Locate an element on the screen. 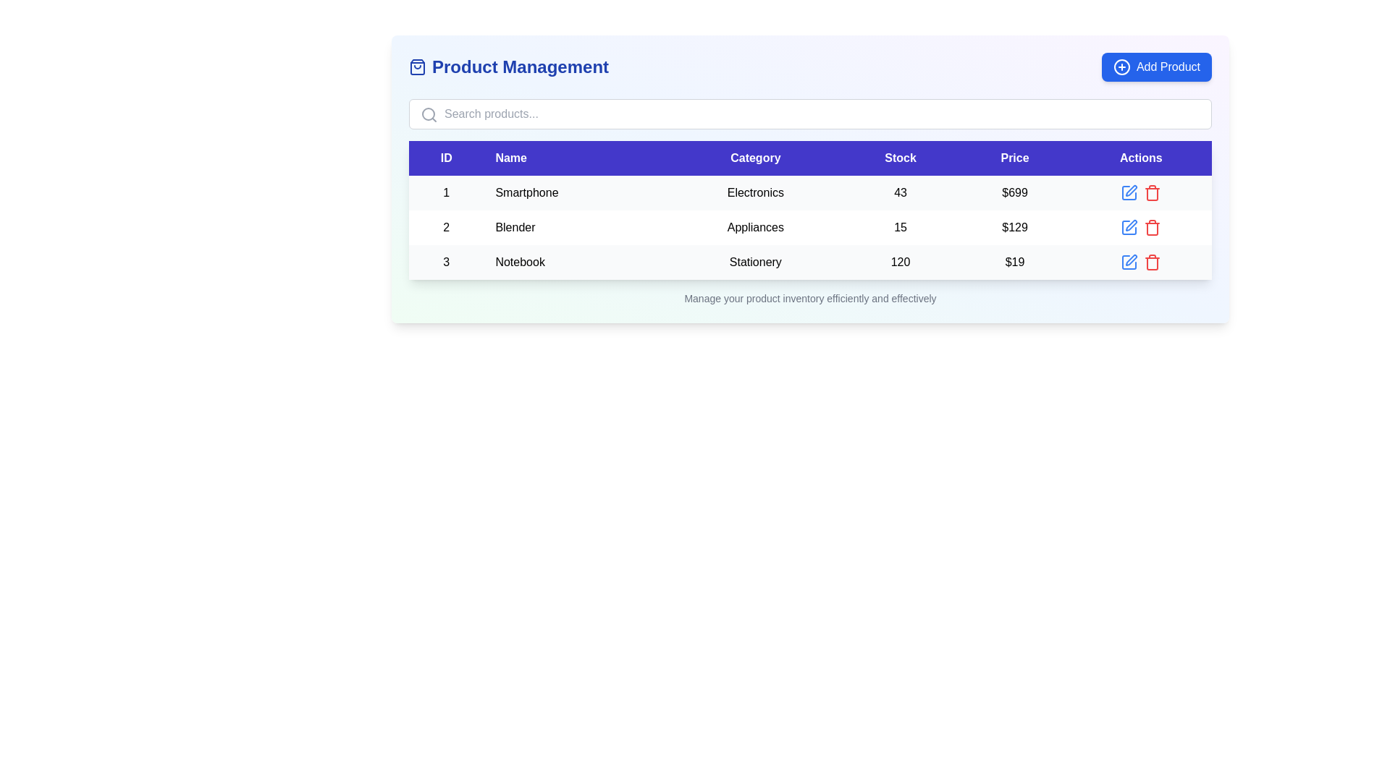  the stock quantity text indicating 120 units for the 'Notebook' product, located in the 'Stock' column of the table's third row is located at coordinates (899, 262).